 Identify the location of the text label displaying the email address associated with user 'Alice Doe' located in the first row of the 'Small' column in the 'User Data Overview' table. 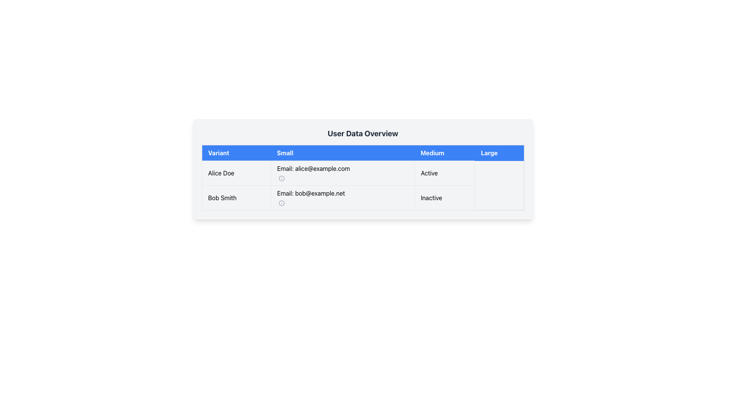
(342, 168).